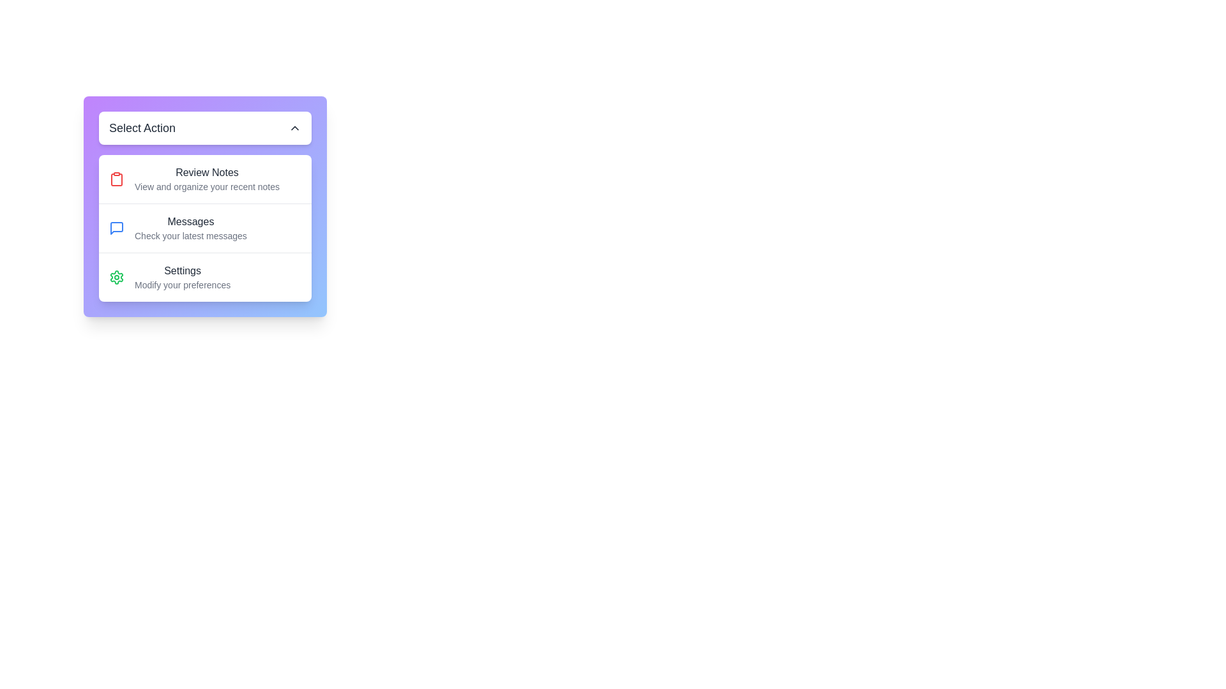  Describe the element at coordinates (205, 276) in the screenshot. I see `the third Clickable menu item for accessing the Settings page, located below the 'Messages' option in the card-style menu under 'Select Action'` at that location.